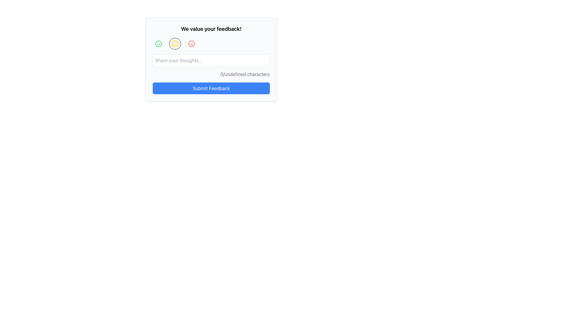  What do you see at coordinates (211, 29) in the screenshot?
I see `the text block that displays 'We value your feedback!' at the top of the feedback form card` at bounding box center [211, 29].